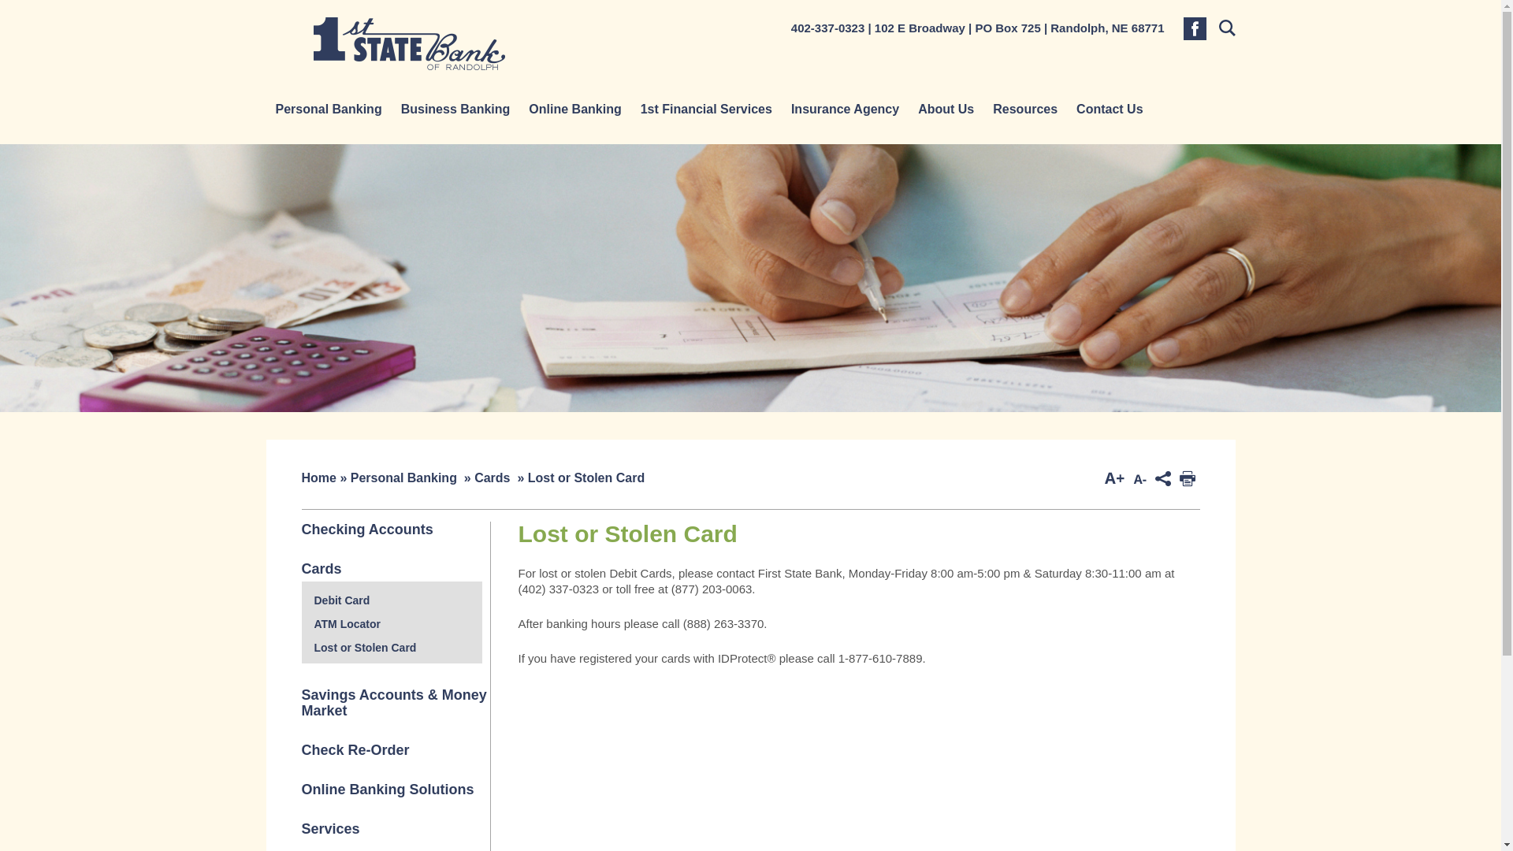 The height and width of the screenshot is (851, 1513). I want to click on 'Resources', so click(983, 108).